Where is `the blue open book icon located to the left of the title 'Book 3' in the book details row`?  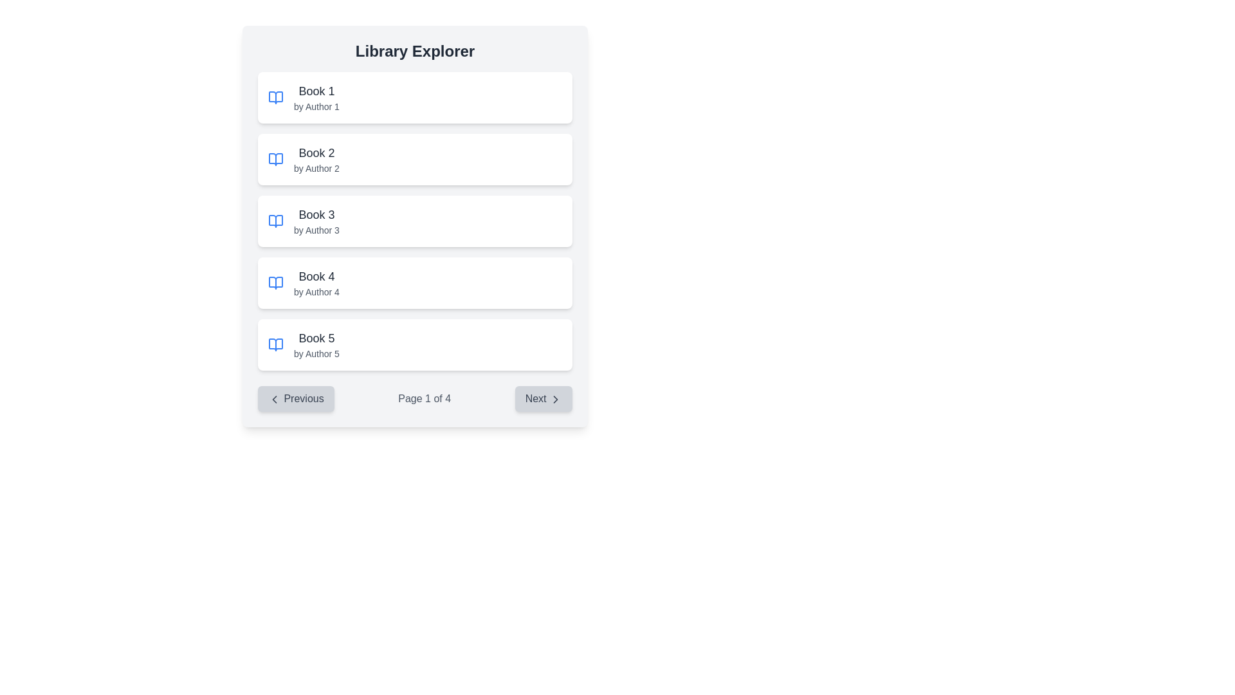
the blue open book icon located to the left of the title 'Book 3' in the book details row is located at coordinates (275, 220).